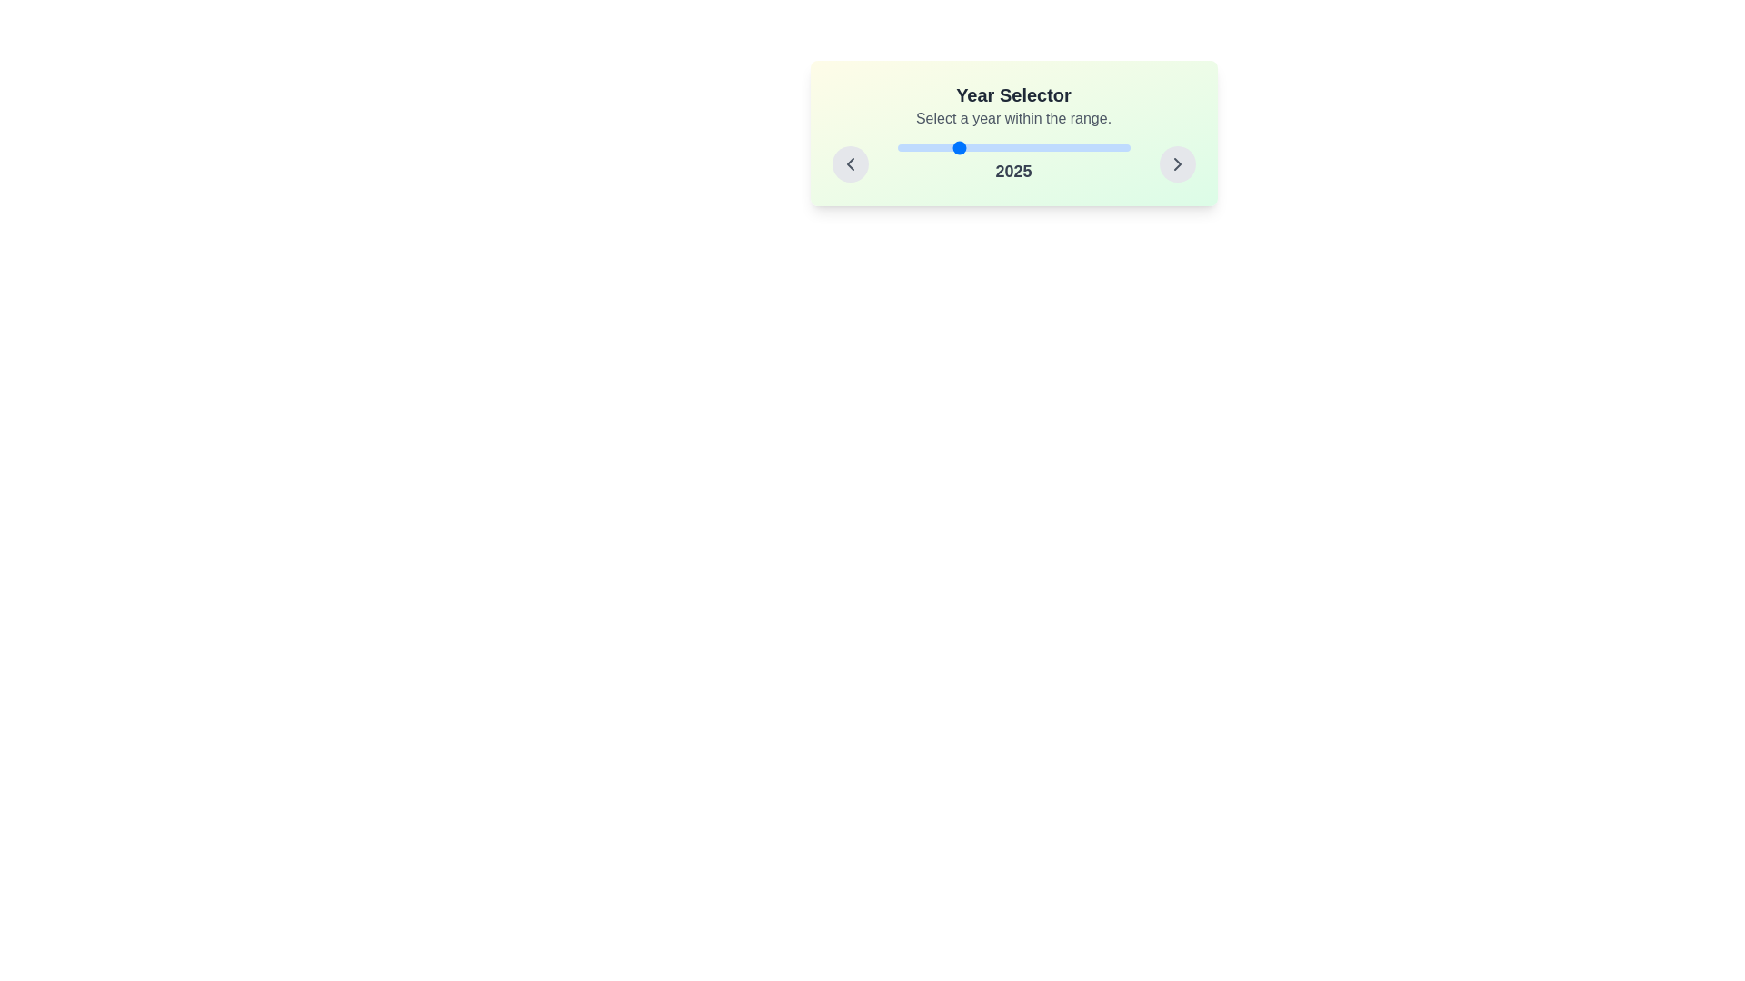  I want to click on the slider to set the year to 2070, so click(1060, 146).